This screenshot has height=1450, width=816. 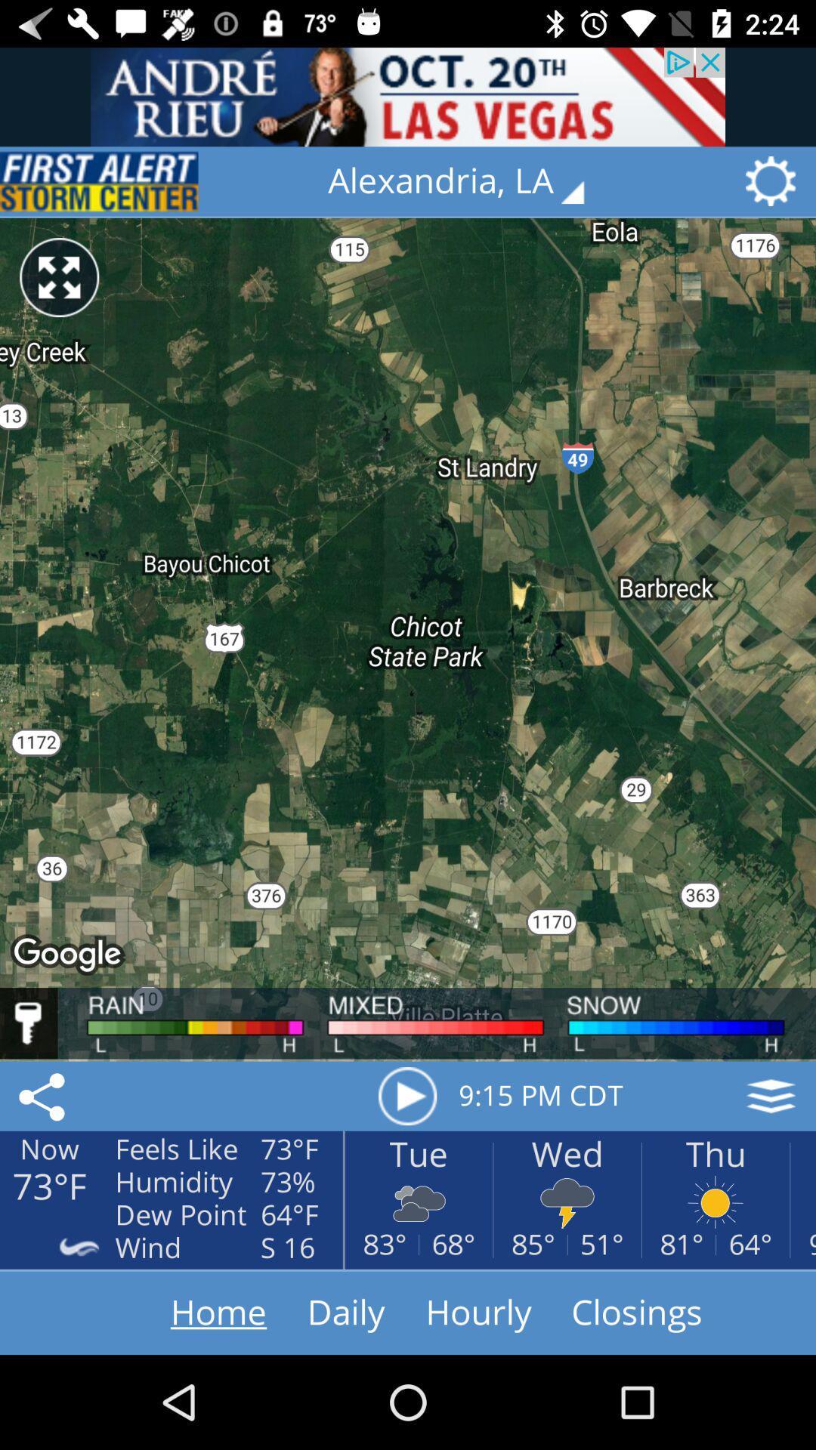 What do you see at coordinates (419, 1201) in the screenshot?
I see `clouds icon below the text tue at the bottom` at bounding box center [419, 1201].